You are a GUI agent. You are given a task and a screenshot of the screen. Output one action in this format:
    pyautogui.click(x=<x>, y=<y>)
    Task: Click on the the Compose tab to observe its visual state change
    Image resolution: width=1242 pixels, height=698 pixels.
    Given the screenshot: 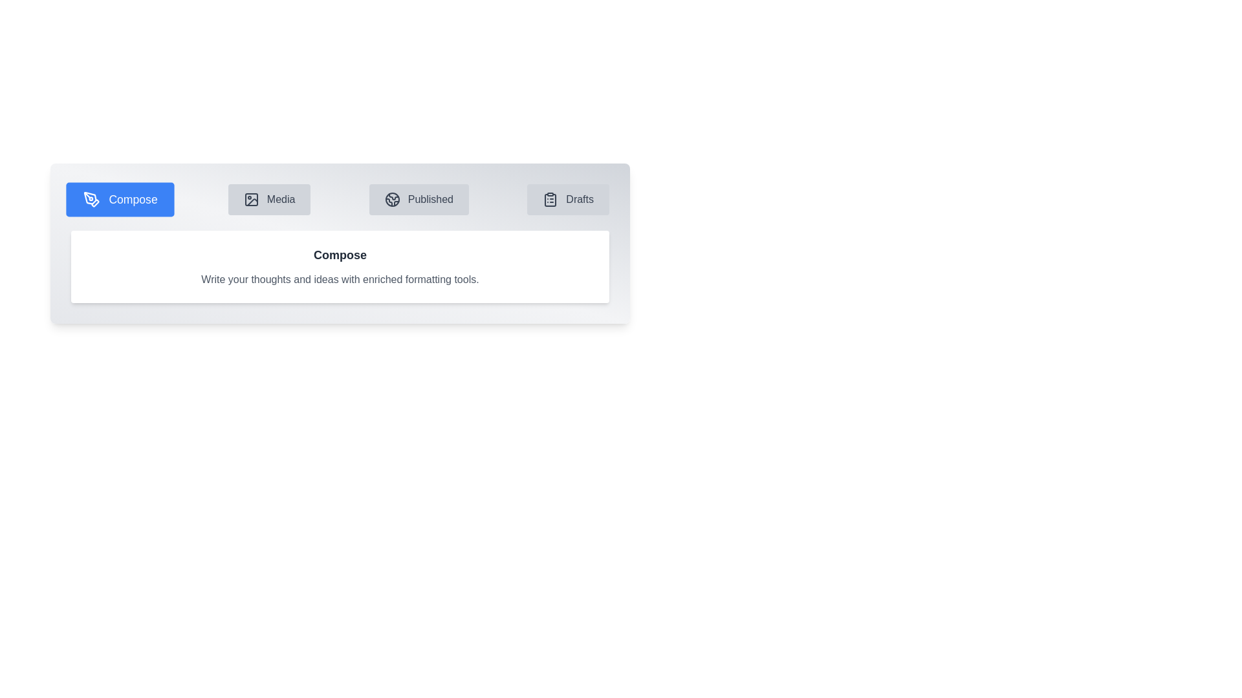 What is the action you would take?
    pyautogui.click(x=120, y=199)
    